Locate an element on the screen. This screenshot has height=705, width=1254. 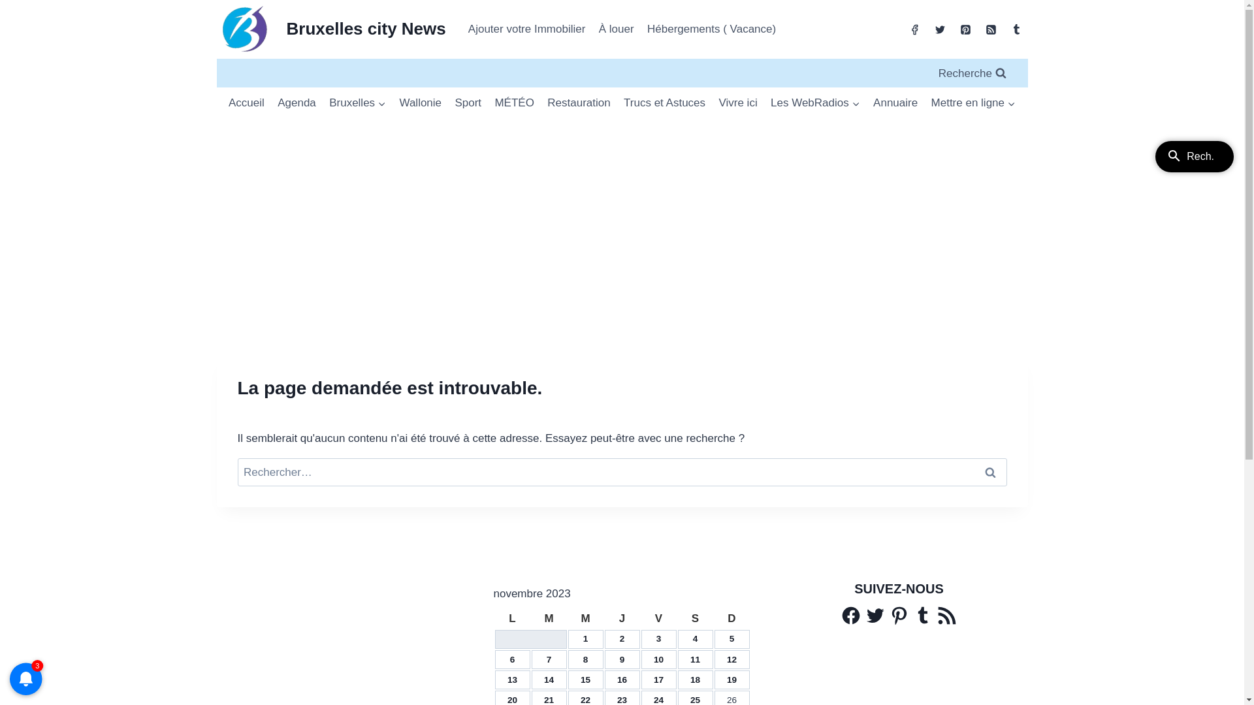
'Pinterest' is located at coordinates (888, 615).